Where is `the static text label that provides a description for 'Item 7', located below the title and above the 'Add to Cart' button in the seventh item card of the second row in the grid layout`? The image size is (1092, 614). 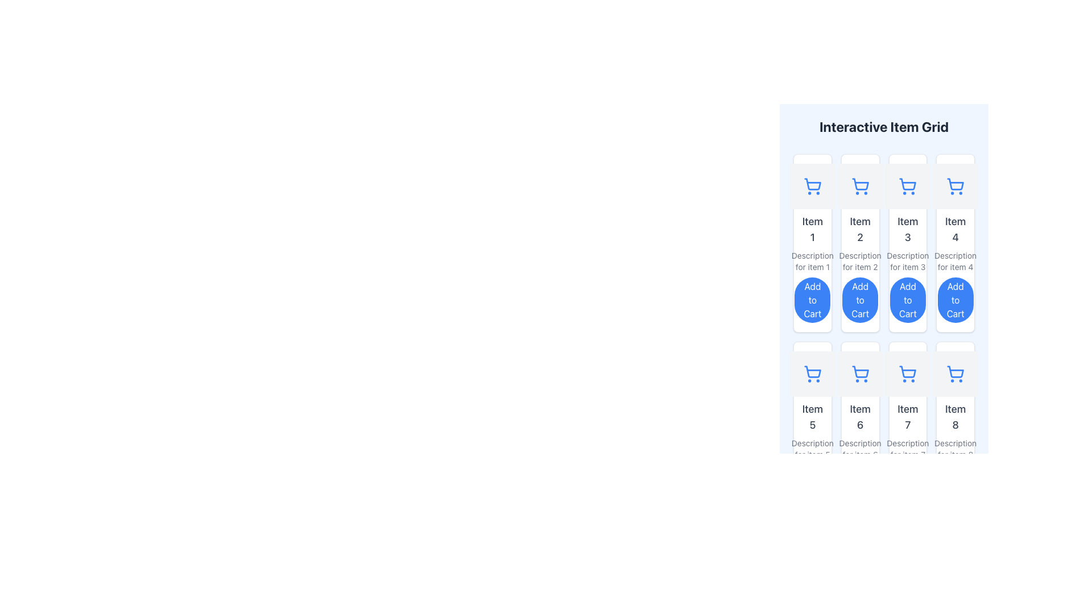 the static text label that provides a description for 'Item 7', located below the title and above the 'Add to Cart' button in the seventh item card of the second row in the grid layout is located at coordinates (907, 449).